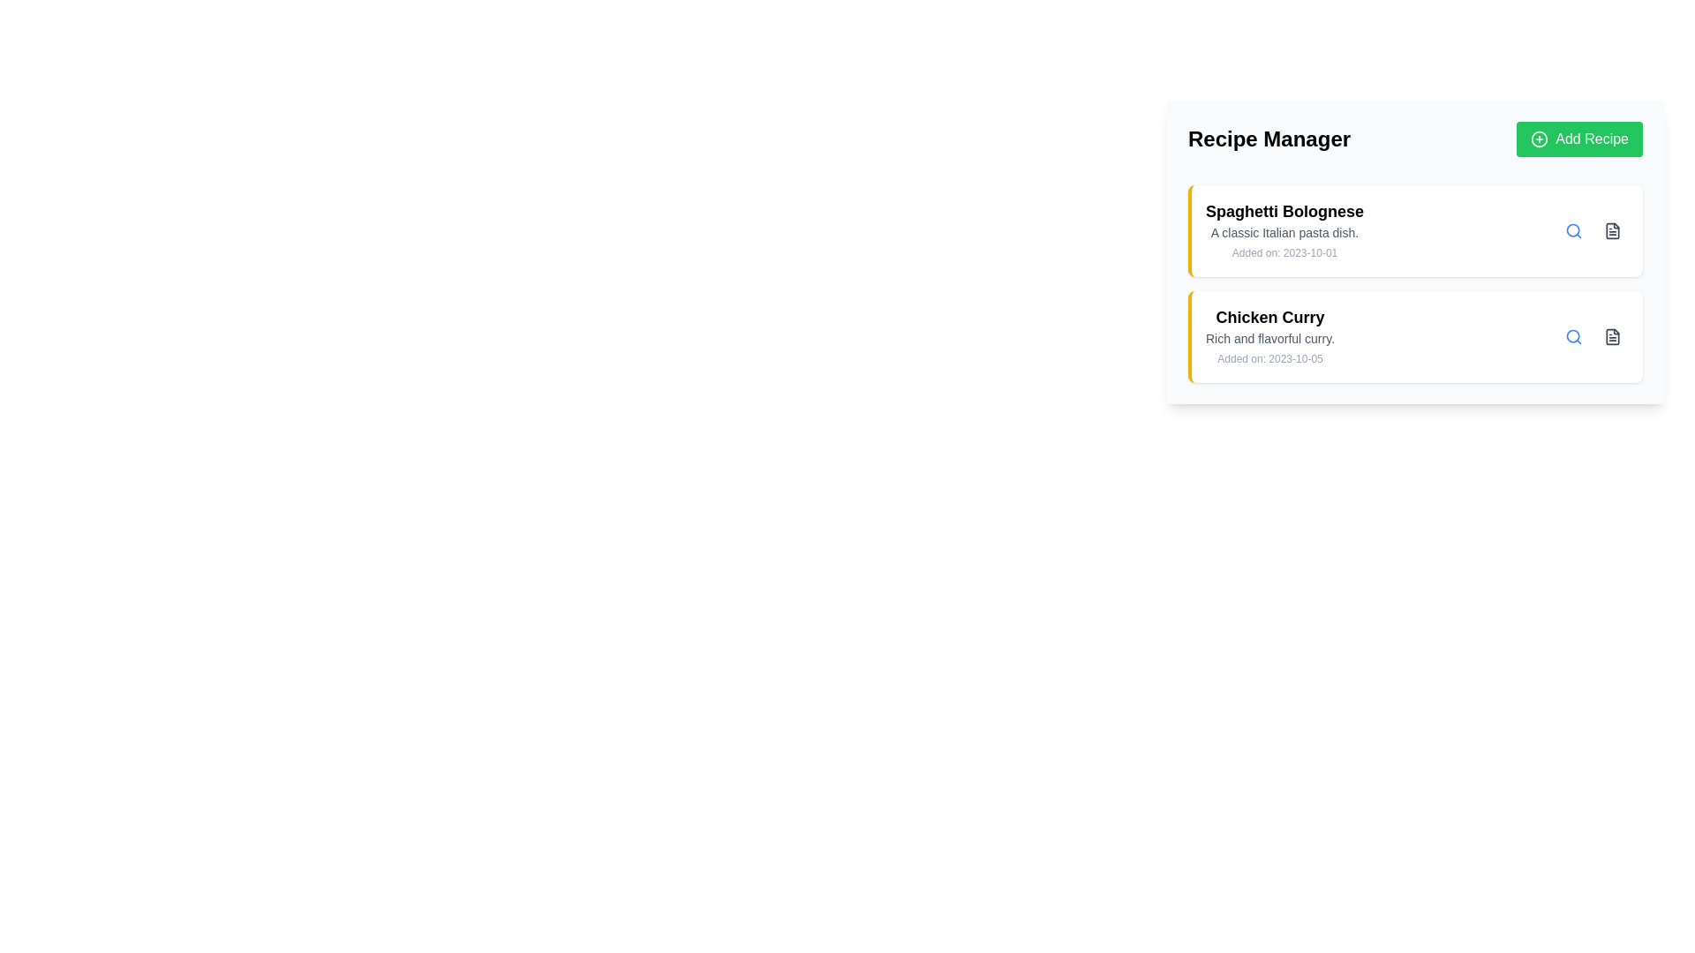 This screenshot has height=953, width=1695. Describe the element at coordinates (1613, 336) in the screenshot. I see `the rectangular SVG icon representing a document, located in the 'Chicken Curry' recipe line item` at that location.